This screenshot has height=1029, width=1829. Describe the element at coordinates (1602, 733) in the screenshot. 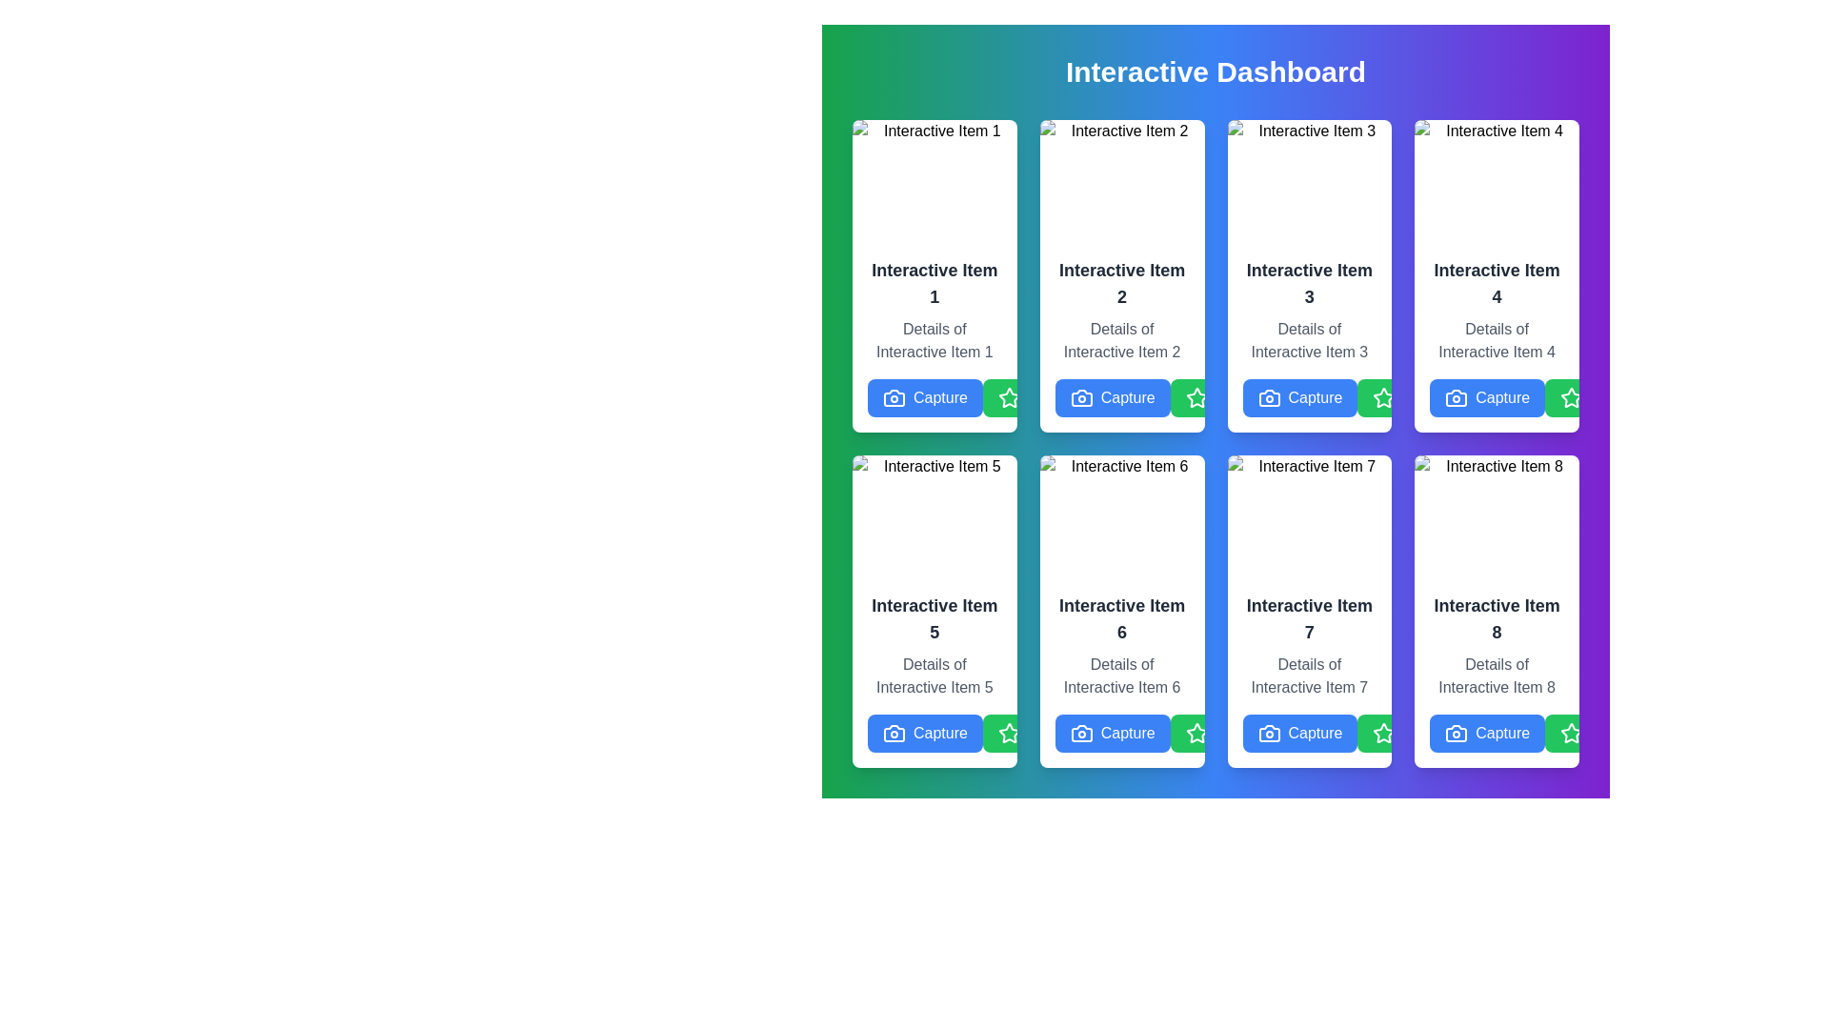

I see `the 'Favorite' button located in the eighth item card` at that location.